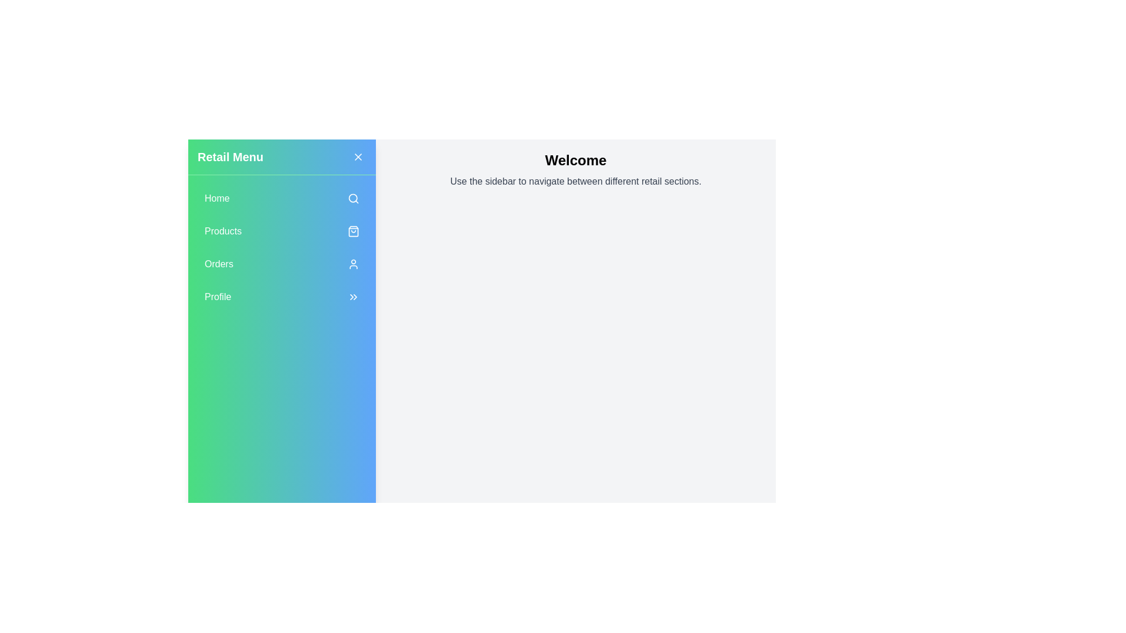  Describe the element at coordinates (281, 198) in the screenshot. I see `the 'Home' navigational link located in the sidebar menu on the left side of the interface` at that location.